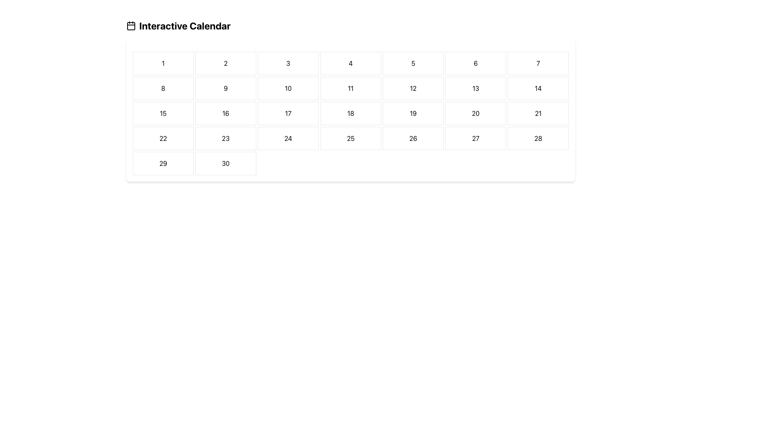  What do you see at coordinates (350, 63) in the screenshot?
I see `the selectable day button for day 4 in the calendar interface, located in the first row and fourth column of a seven-column grid` at bounding box center [350, 63].